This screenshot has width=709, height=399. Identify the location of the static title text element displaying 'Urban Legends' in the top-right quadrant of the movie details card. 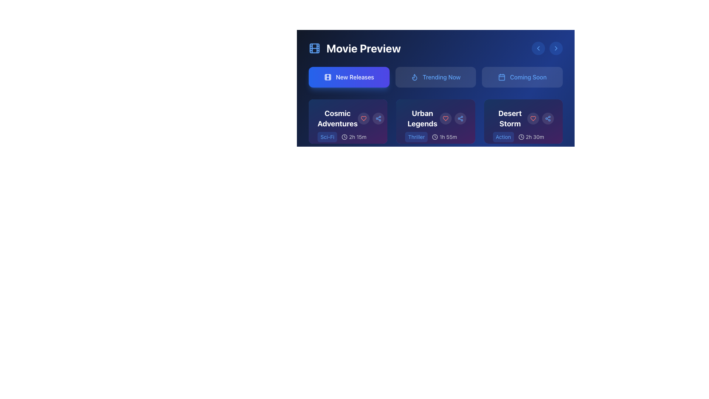
(436, 118).